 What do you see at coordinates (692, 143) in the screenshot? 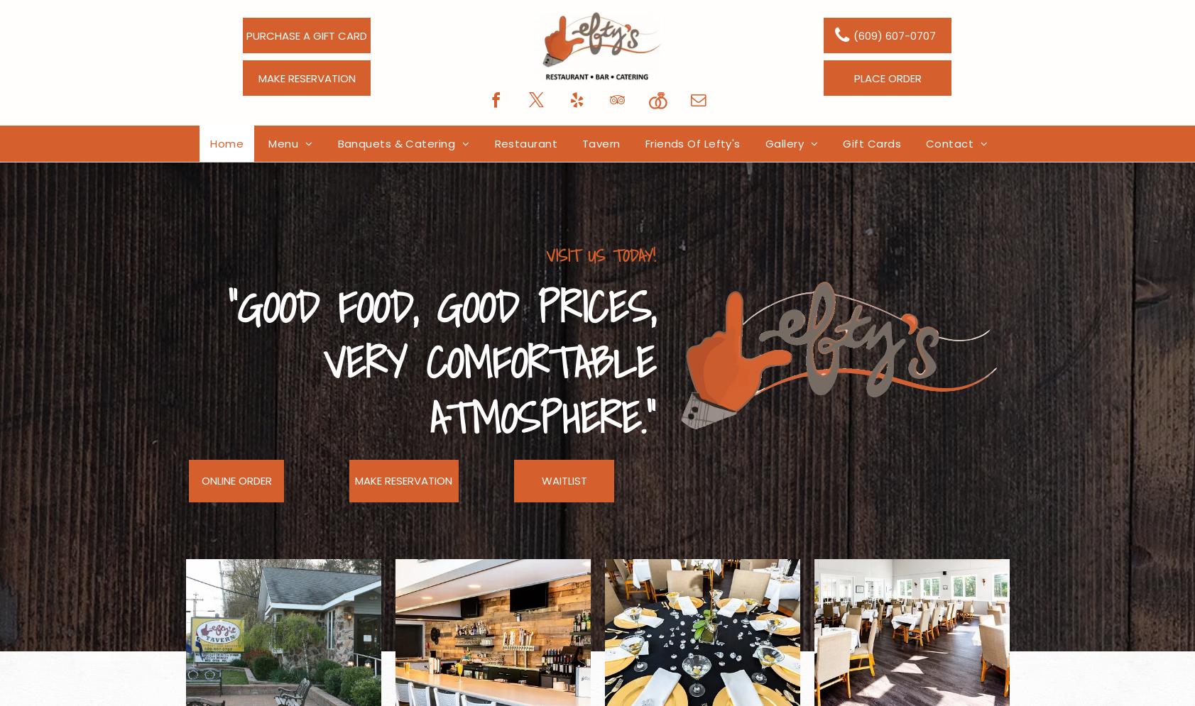
I see `'Friends Of Lefty's'` at bounding box center [692, 143].